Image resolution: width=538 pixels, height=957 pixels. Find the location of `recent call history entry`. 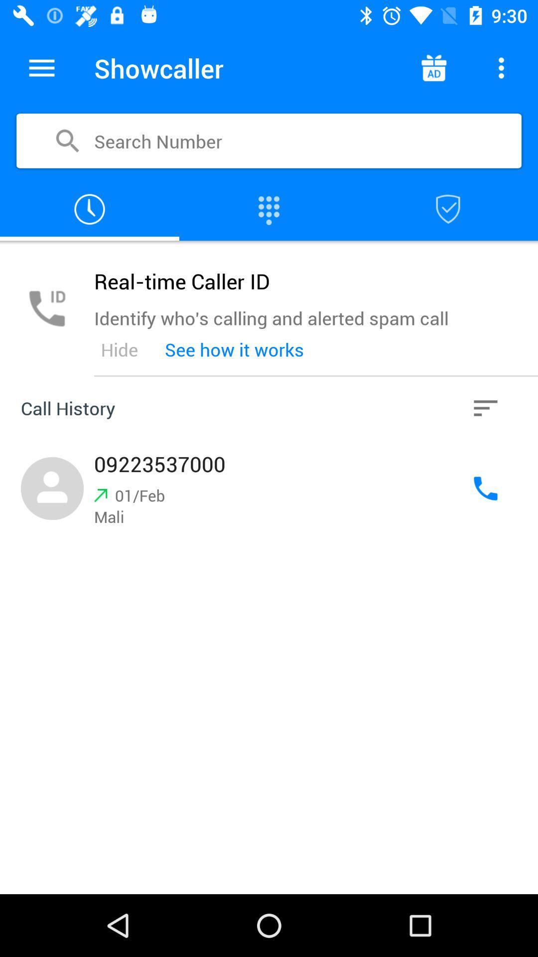

recent call history entry is located at coordinates (269, 488).